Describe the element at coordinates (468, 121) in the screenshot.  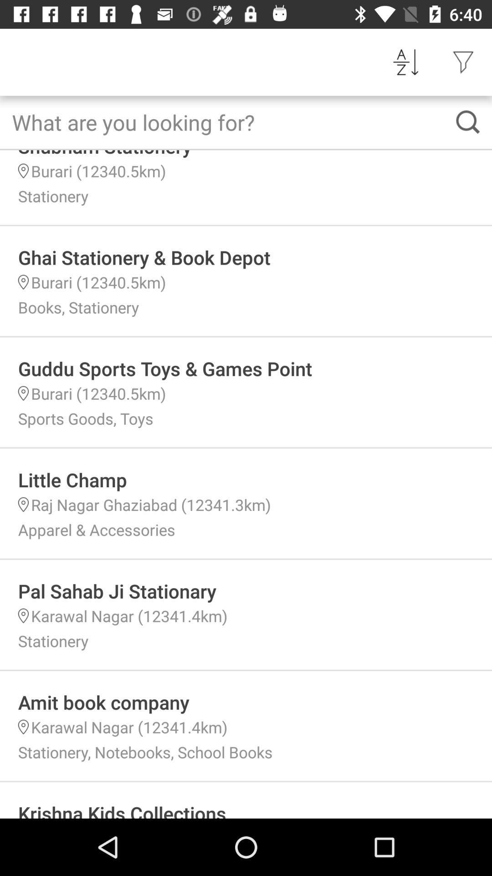
I see `the search icon` at that location.